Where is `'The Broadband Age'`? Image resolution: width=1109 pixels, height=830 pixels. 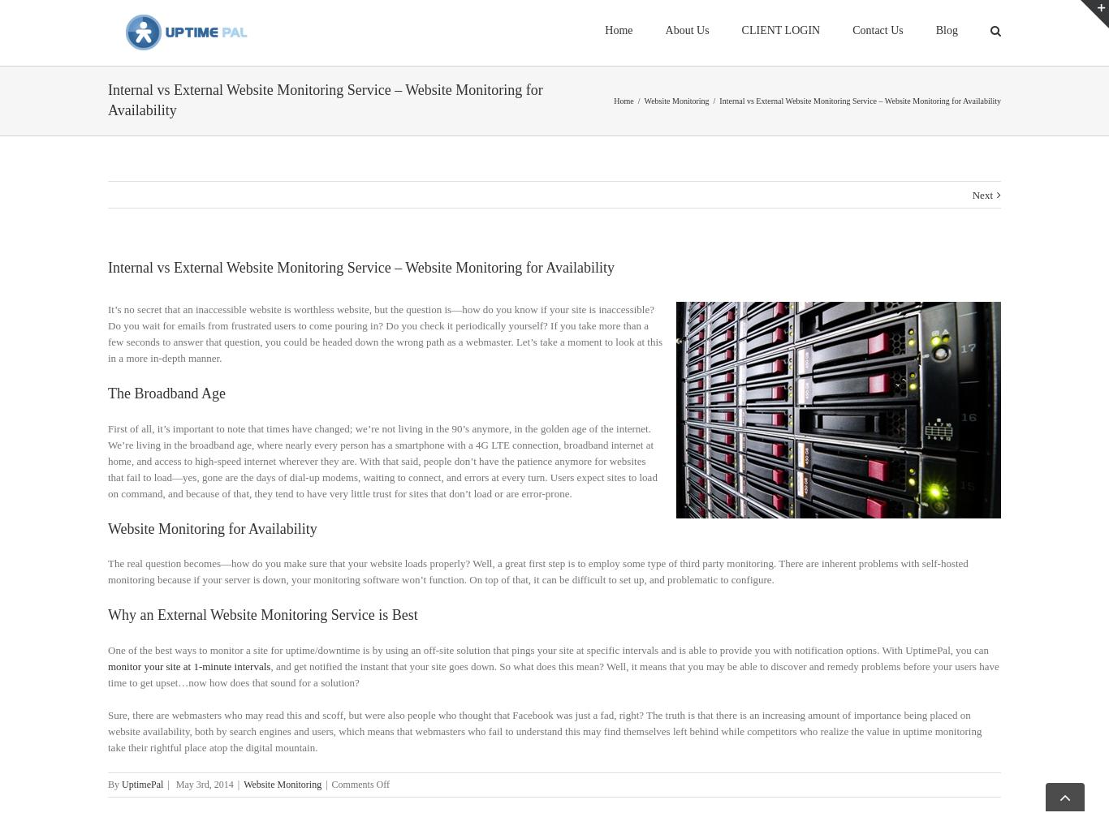
'The Broadband Age' is located at coordinates (166, 413).